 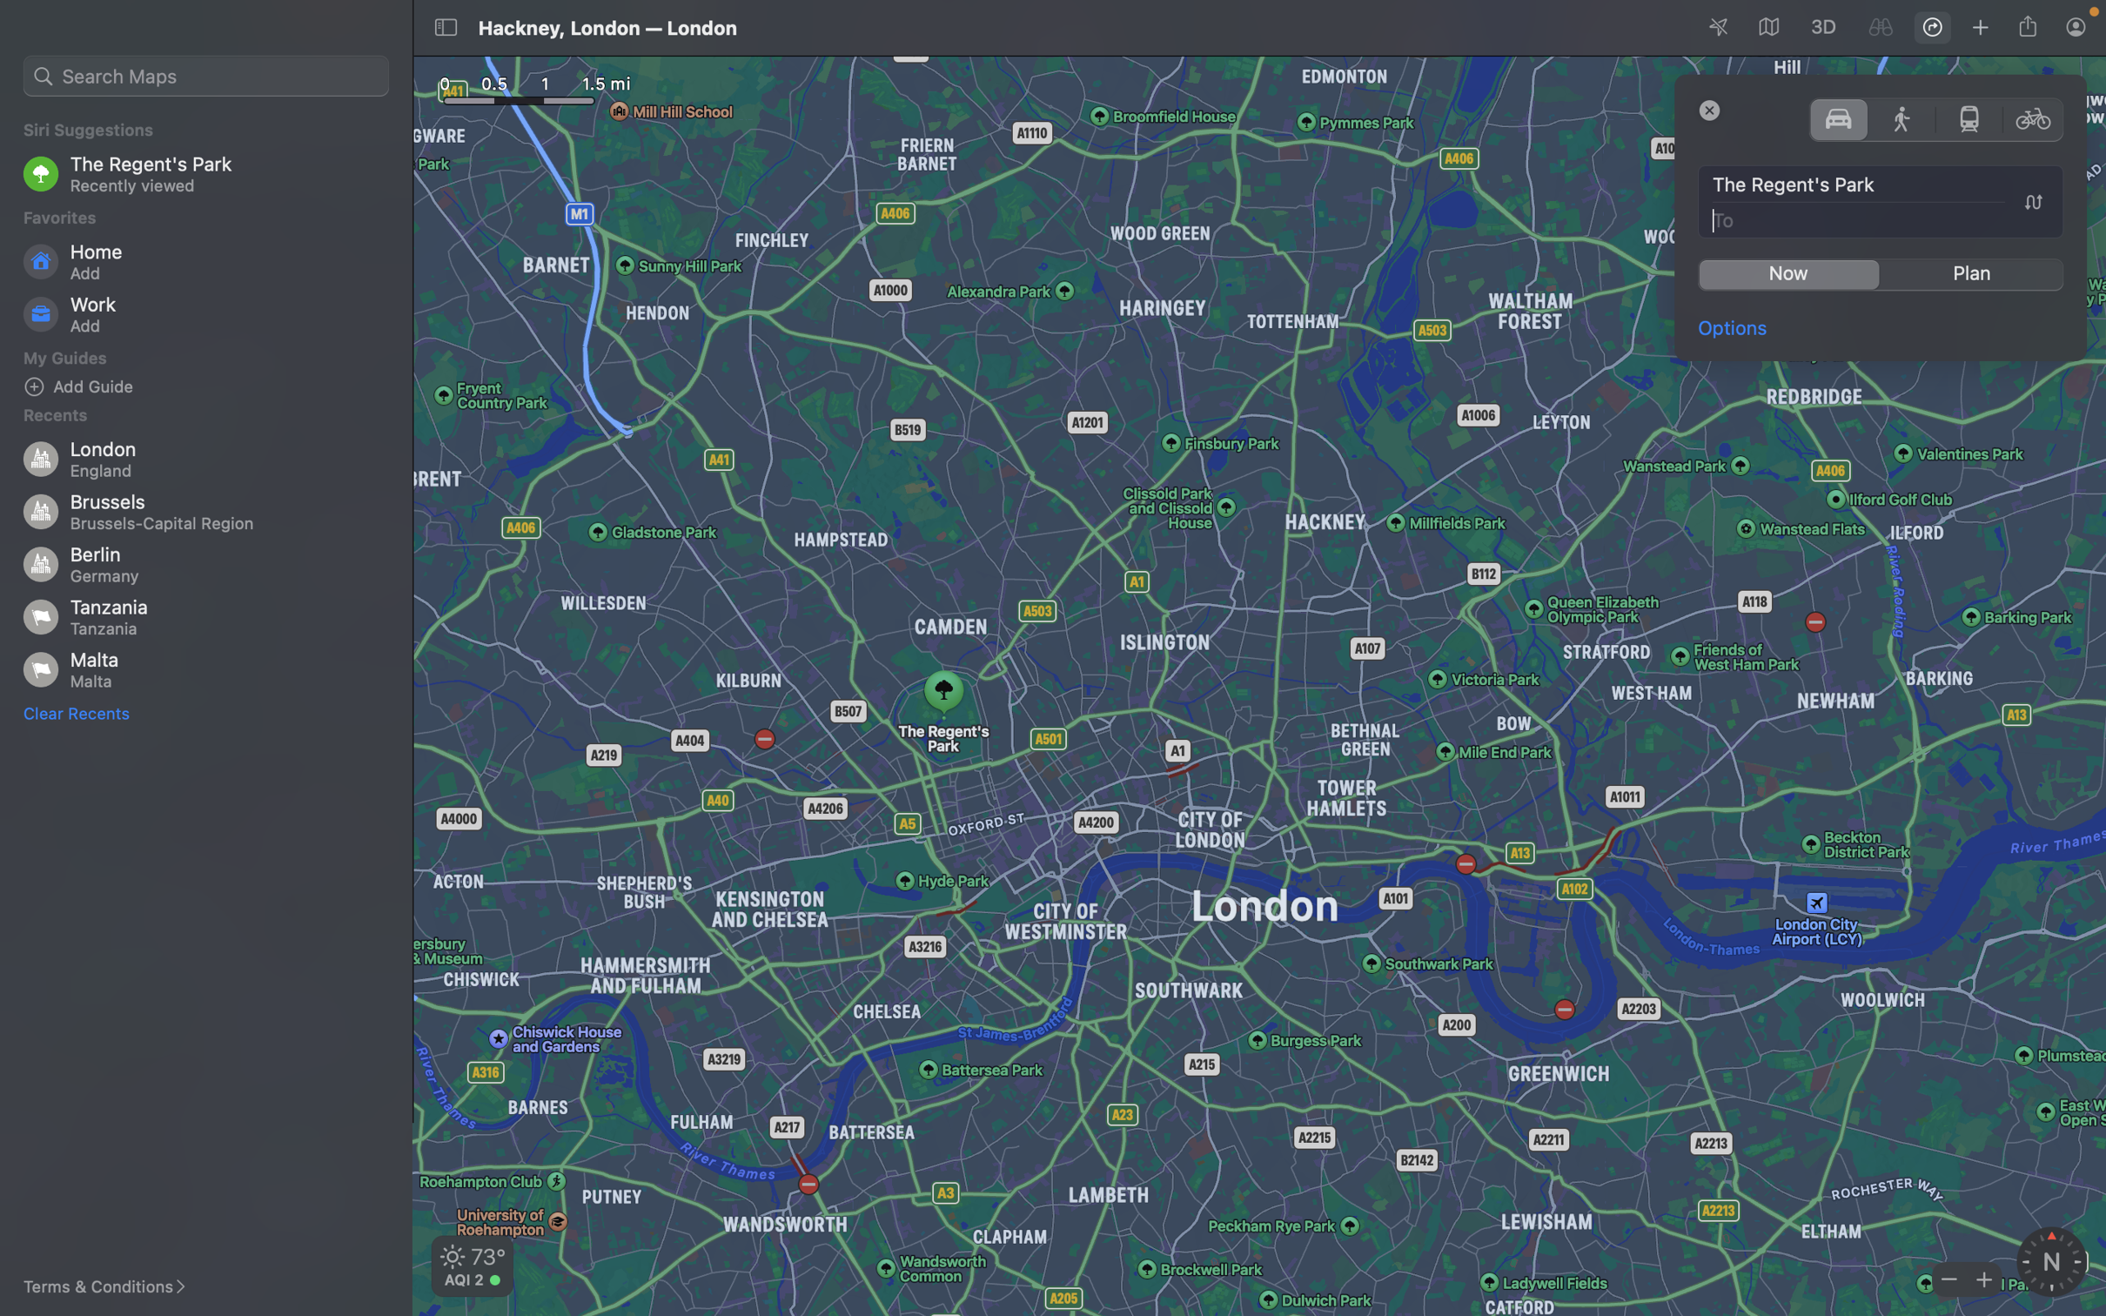 I want to click on the "go now" button to start navigation, so click(x=1787, y=274).